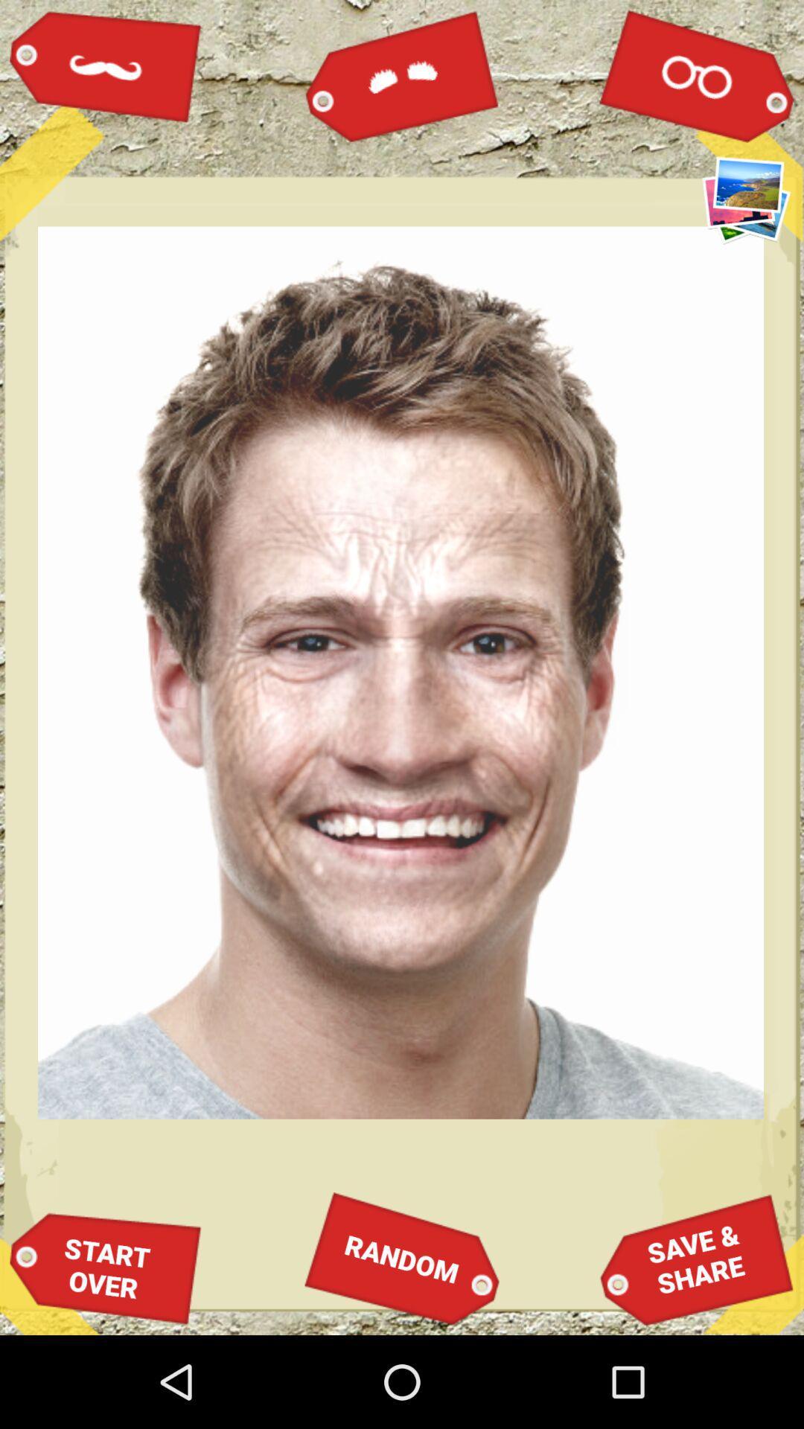  What do you see at coordinates (402, 1258) in the screenshot?
I see `icon to the right of start` at bounding box center [402, 1258].